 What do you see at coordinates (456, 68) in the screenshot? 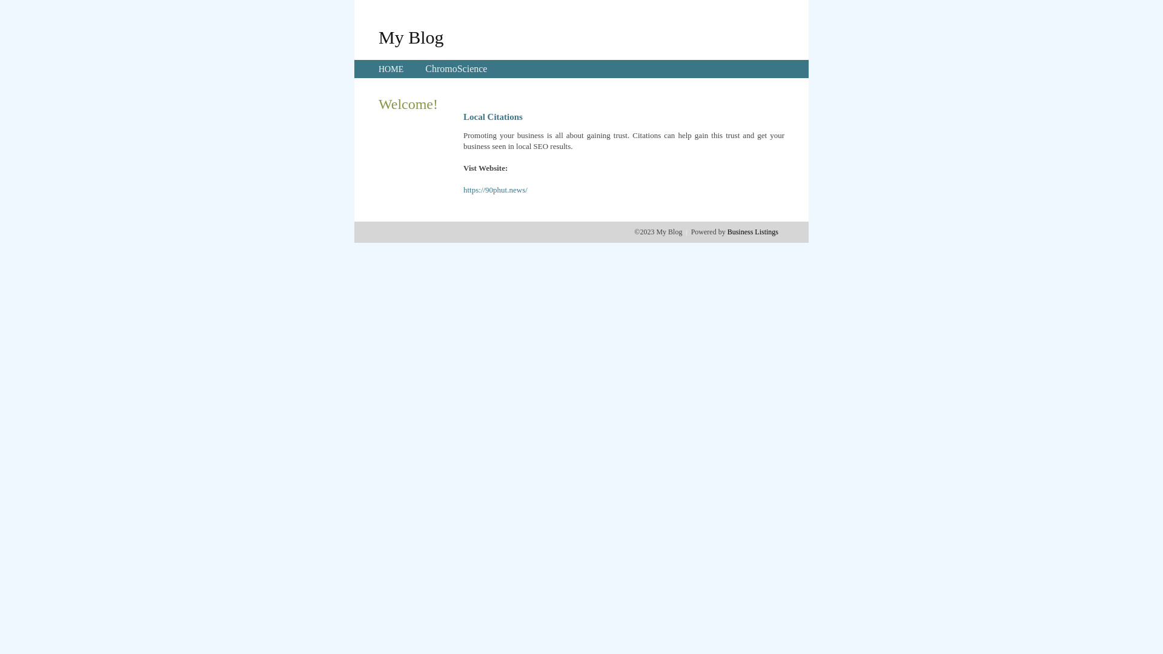
I see `'ChromoScience'` at bounding box center [456, 68].